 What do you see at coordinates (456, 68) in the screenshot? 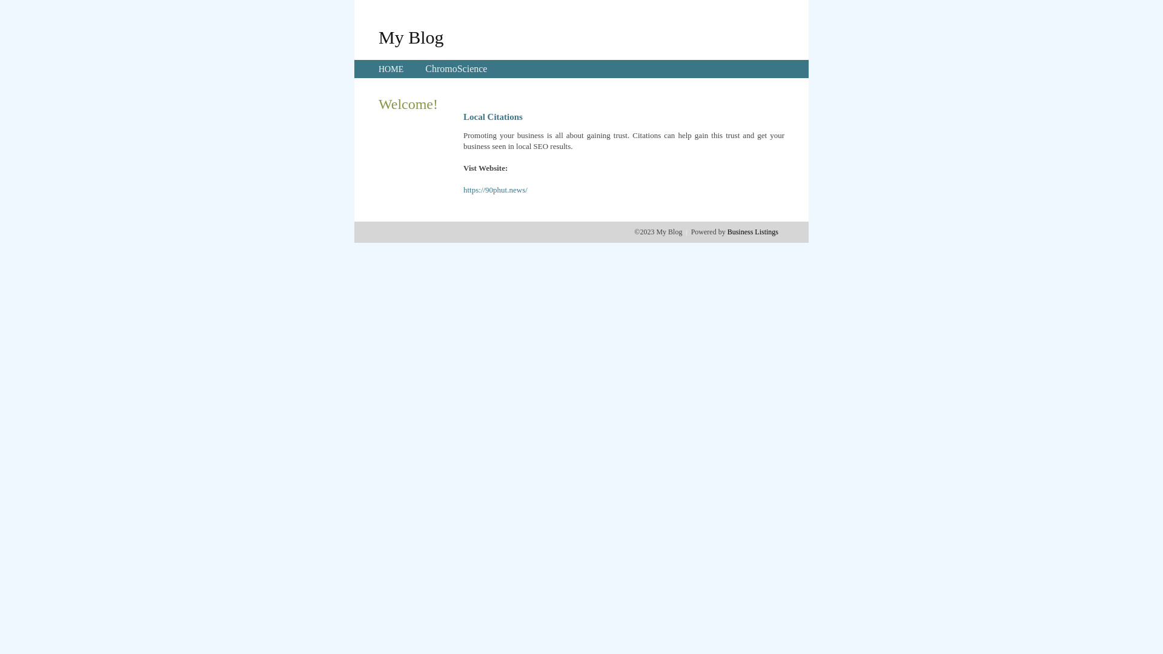
I see `'ChromoScience'` at bounding box center [456, 68].